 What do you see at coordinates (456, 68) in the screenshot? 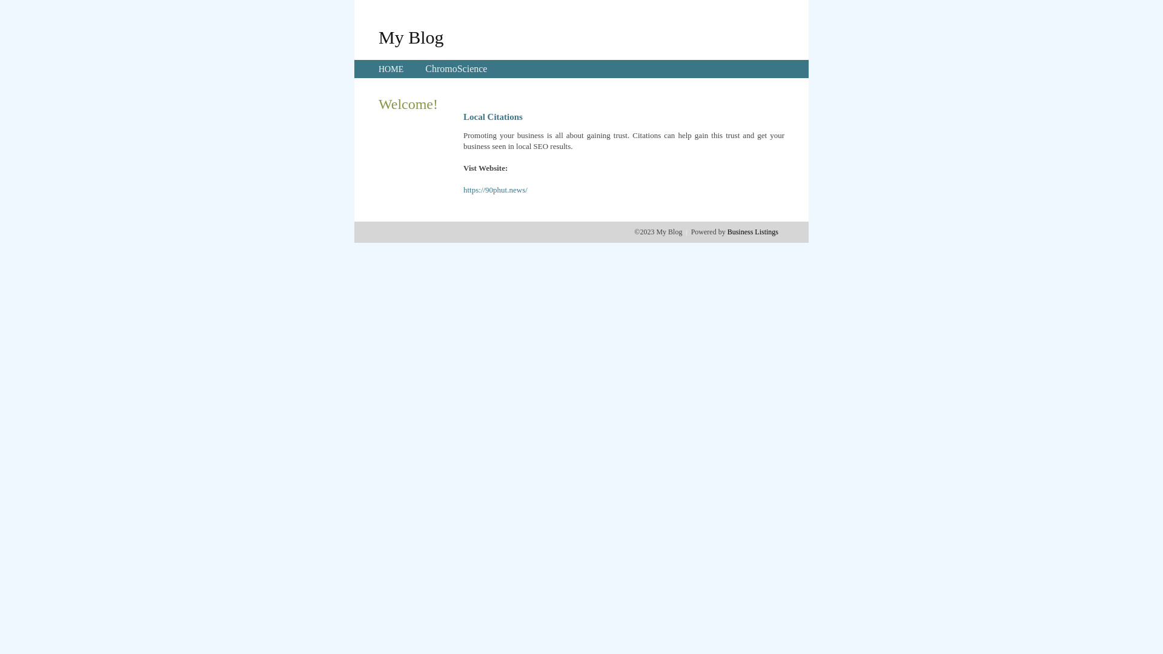
I see `'ChromoScience'` at bounding box center [456, 68].